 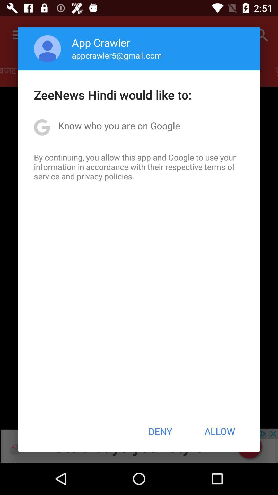 I want to click on the appcrawler5@gmail.com, so click(x=117, y=55).